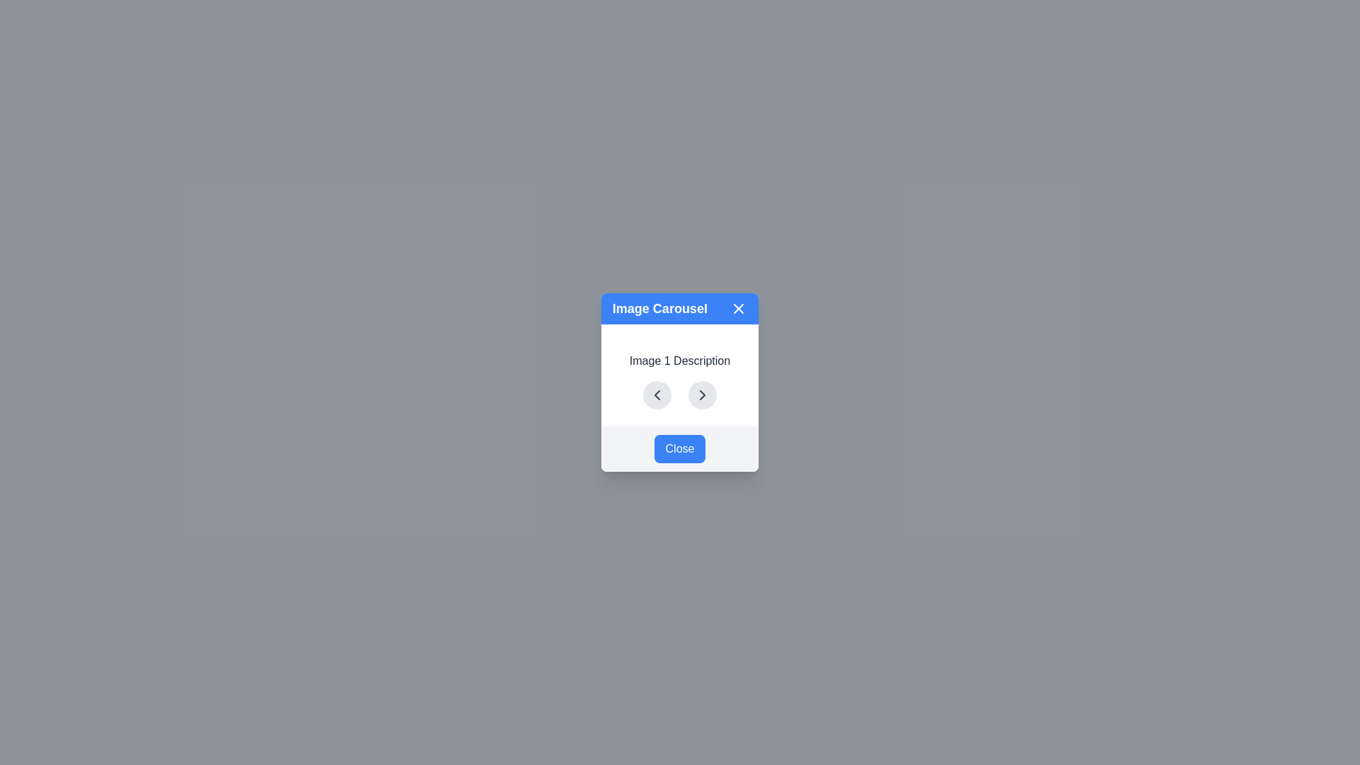  I want to click on the 'close' button located at the bottom of the modal dialog box for keyboard interaction, so click(680, 448).